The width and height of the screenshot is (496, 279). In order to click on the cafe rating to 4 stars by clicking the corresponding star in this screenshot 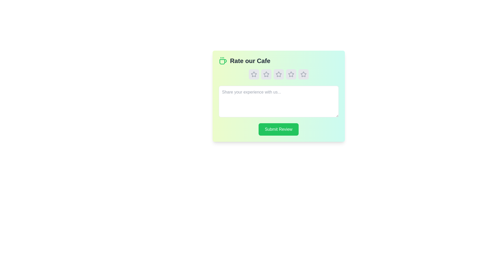, I will do `click(291, 74)`.